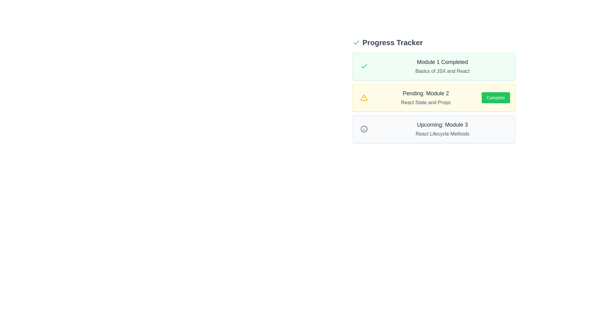 This screenshot has height=332, width=591. What do you see at coordinates (364, 97) in the screenshot?
I see `the triangular warning icon with a yellow border and an exclamation mark, located inside the 'Pending: Module 2' card in the progress tracker interface` at bounding box center [364, 97].